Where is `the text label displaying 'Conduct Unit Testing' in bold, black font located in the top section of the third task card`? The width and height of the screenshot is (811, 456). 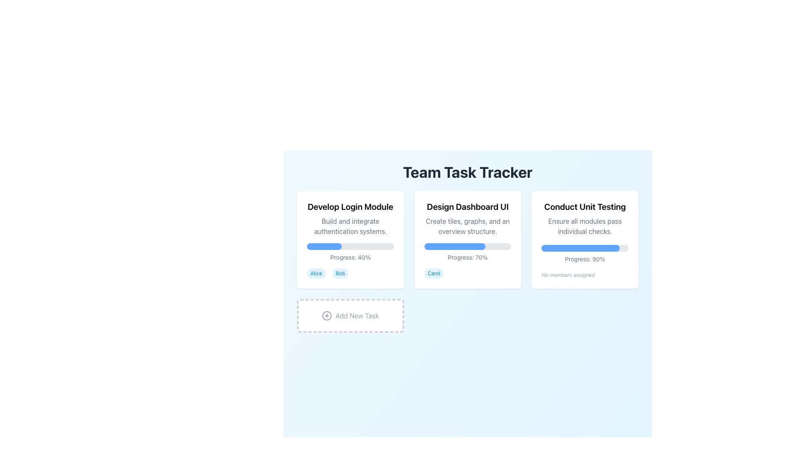 the text label displaying 'Conduct Unit Testing' in bold, black font located in the top section of the third task card is located at coordinates (585, 206).